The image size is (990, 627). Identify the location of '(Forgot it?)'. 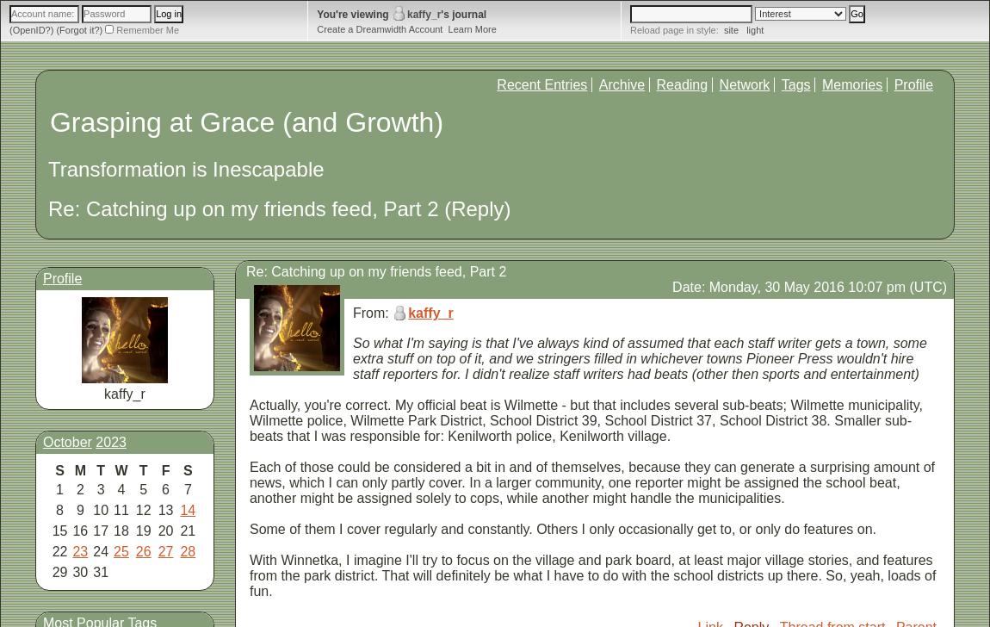
(54, 28).